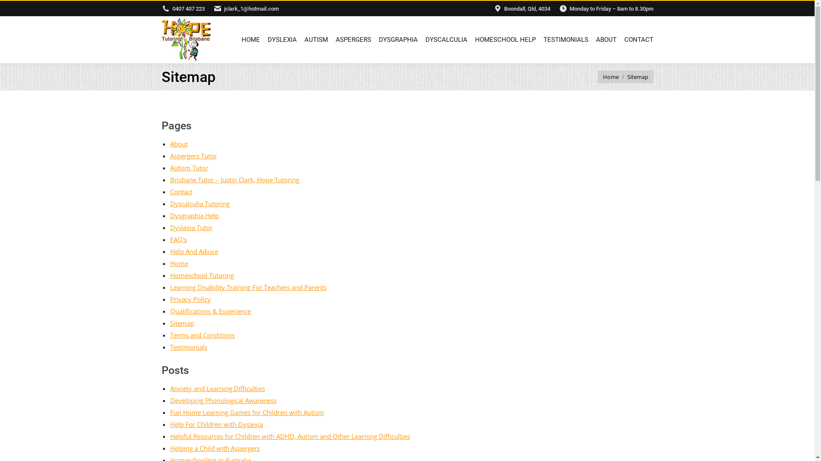  Describe the element at coordinates (171, 8) in the screenshot. I see `'0407 407 223'` at that location.